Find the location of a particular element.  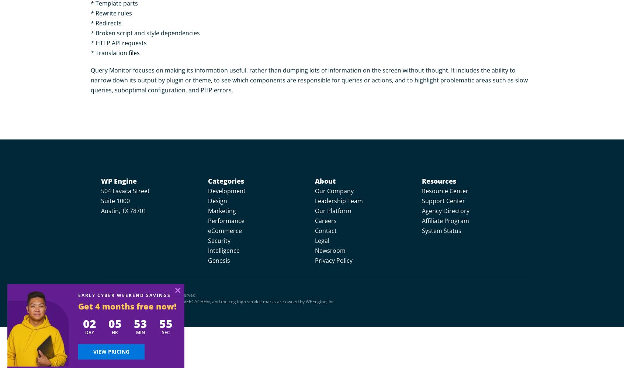

'Get 4 months free now!' is located at coordinates (126, 306).